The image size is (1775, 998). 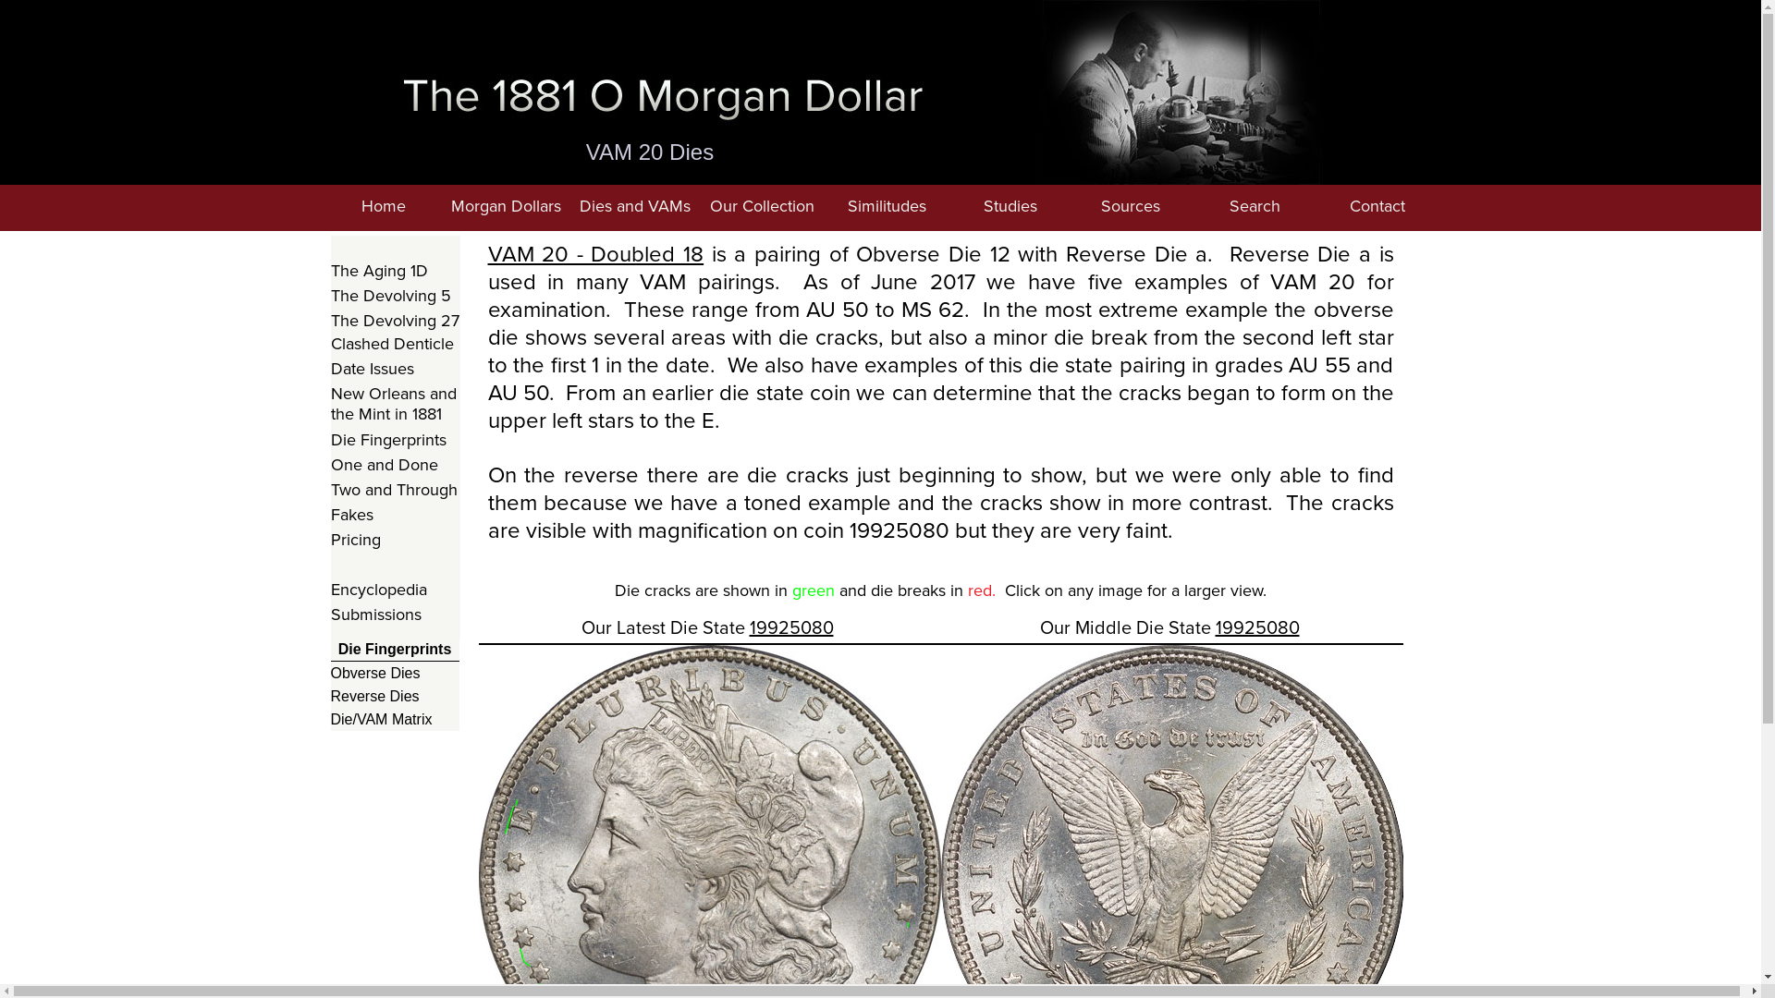 I want to click on 'Obverse Dies', so click(x=394, y=673).